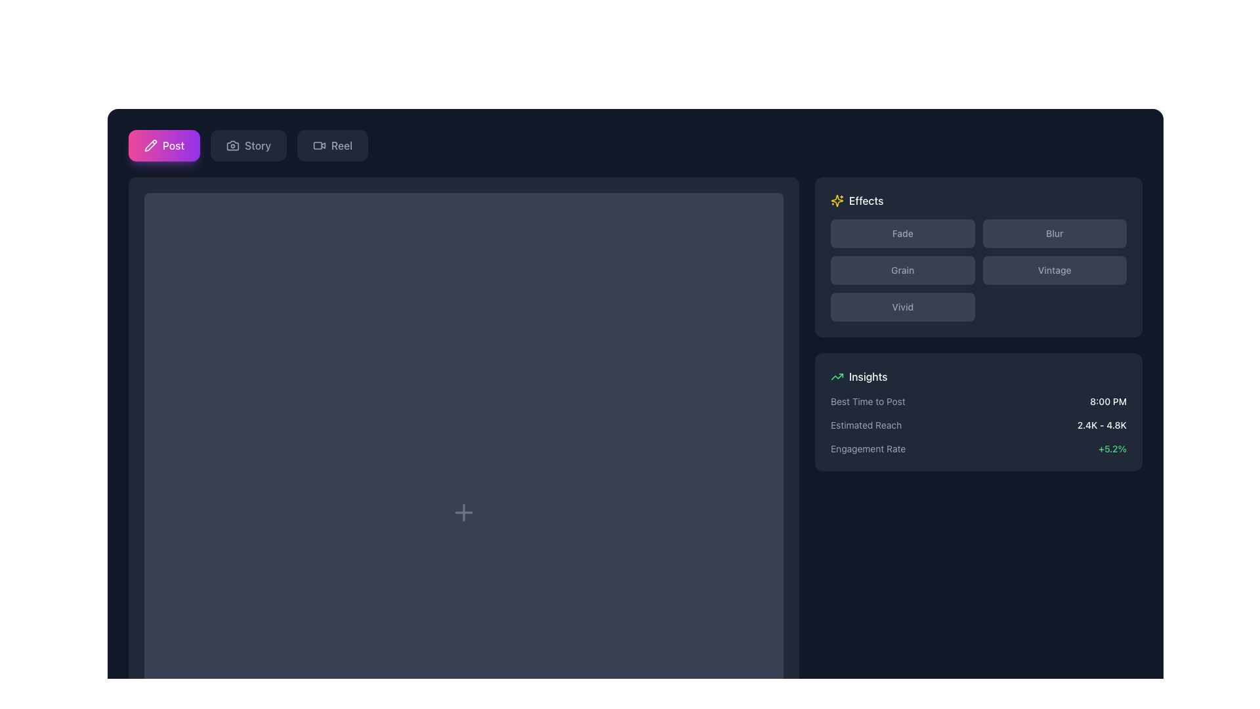 The width and height of the screenshot is (1260, 709). What do you see at coordinates (150, 144) in the screenshot?
I see `the Button Icon located in the top-left corner of the interface to initiate the 'Post' action` at bounding box center [150, 144].